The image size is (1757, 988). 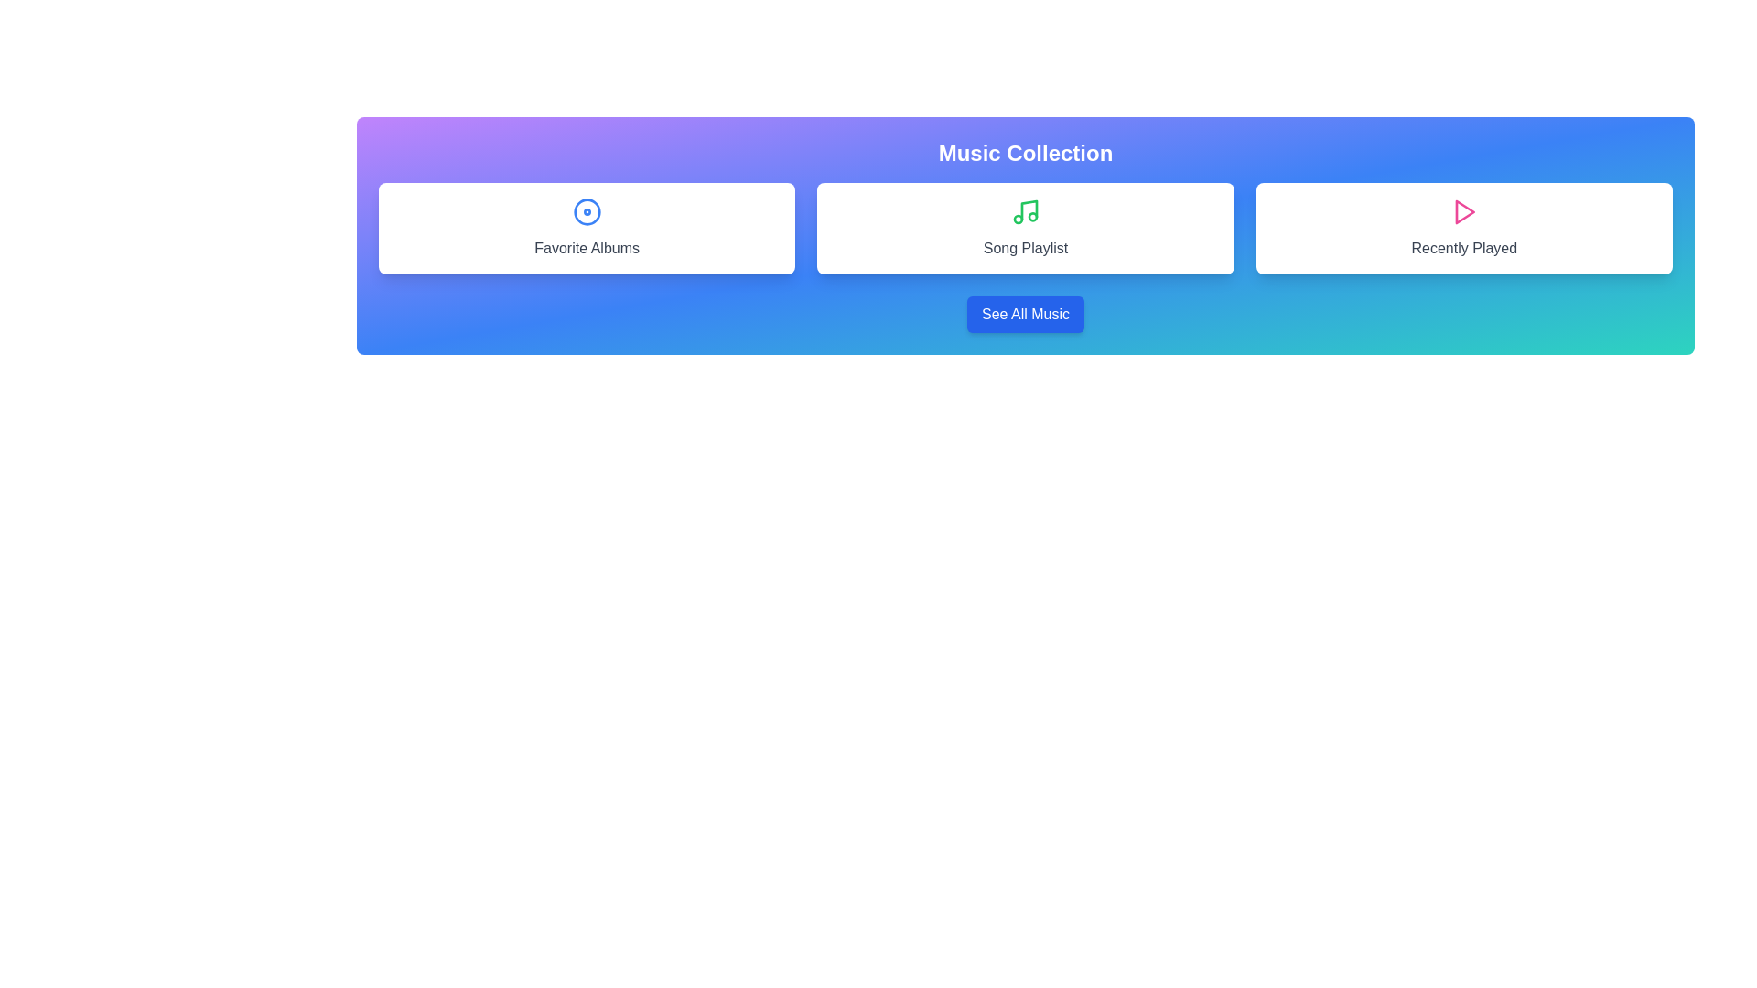 What do you see at coordinates (1464, 249) in the screenshot?
I see `descriptive text label located at the bottom of the rightmost card in a row of three cards, positioned under a pink play icon` at bounding box center [1464, 249].